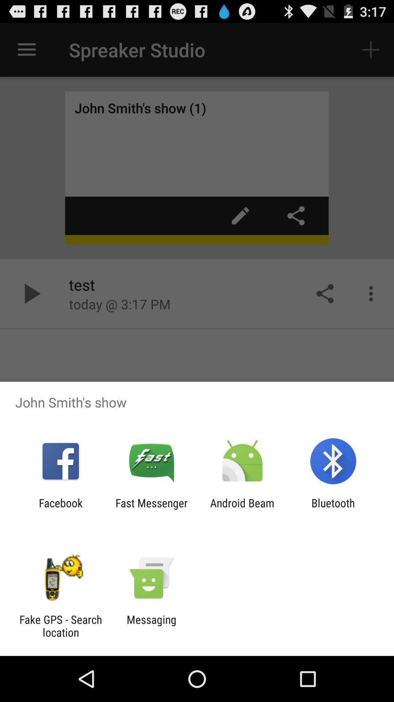 Image resolution: width=394 pixels, height=702 pixels. What do you see at coordinates (333, 509) in the screenshot?
I see `item to the right of the android beam icon` at bounding box center [333, 509].